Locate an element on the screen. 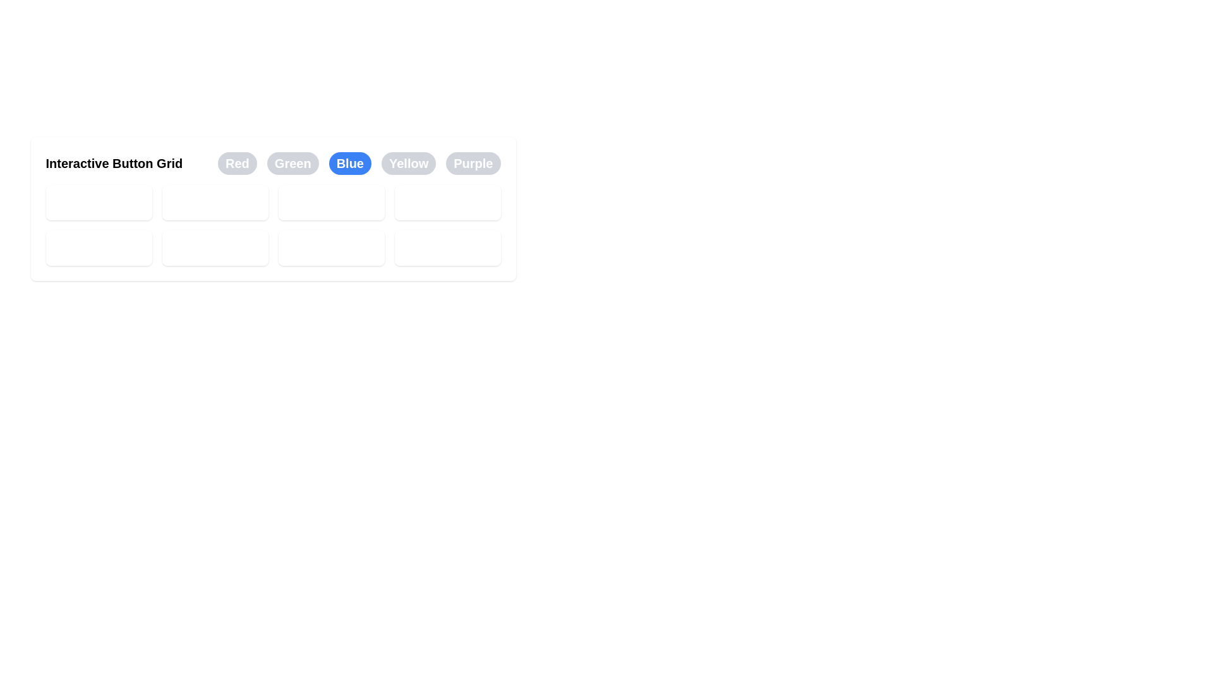 The width and height of the screenshot is (1213, 682). the interactive button located in the bottom-right corner of the grid layout is located at coordinates (447, 248).